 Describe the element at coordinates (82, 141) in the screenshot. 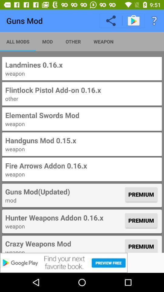

I see `handguns mod 015x` at that location.